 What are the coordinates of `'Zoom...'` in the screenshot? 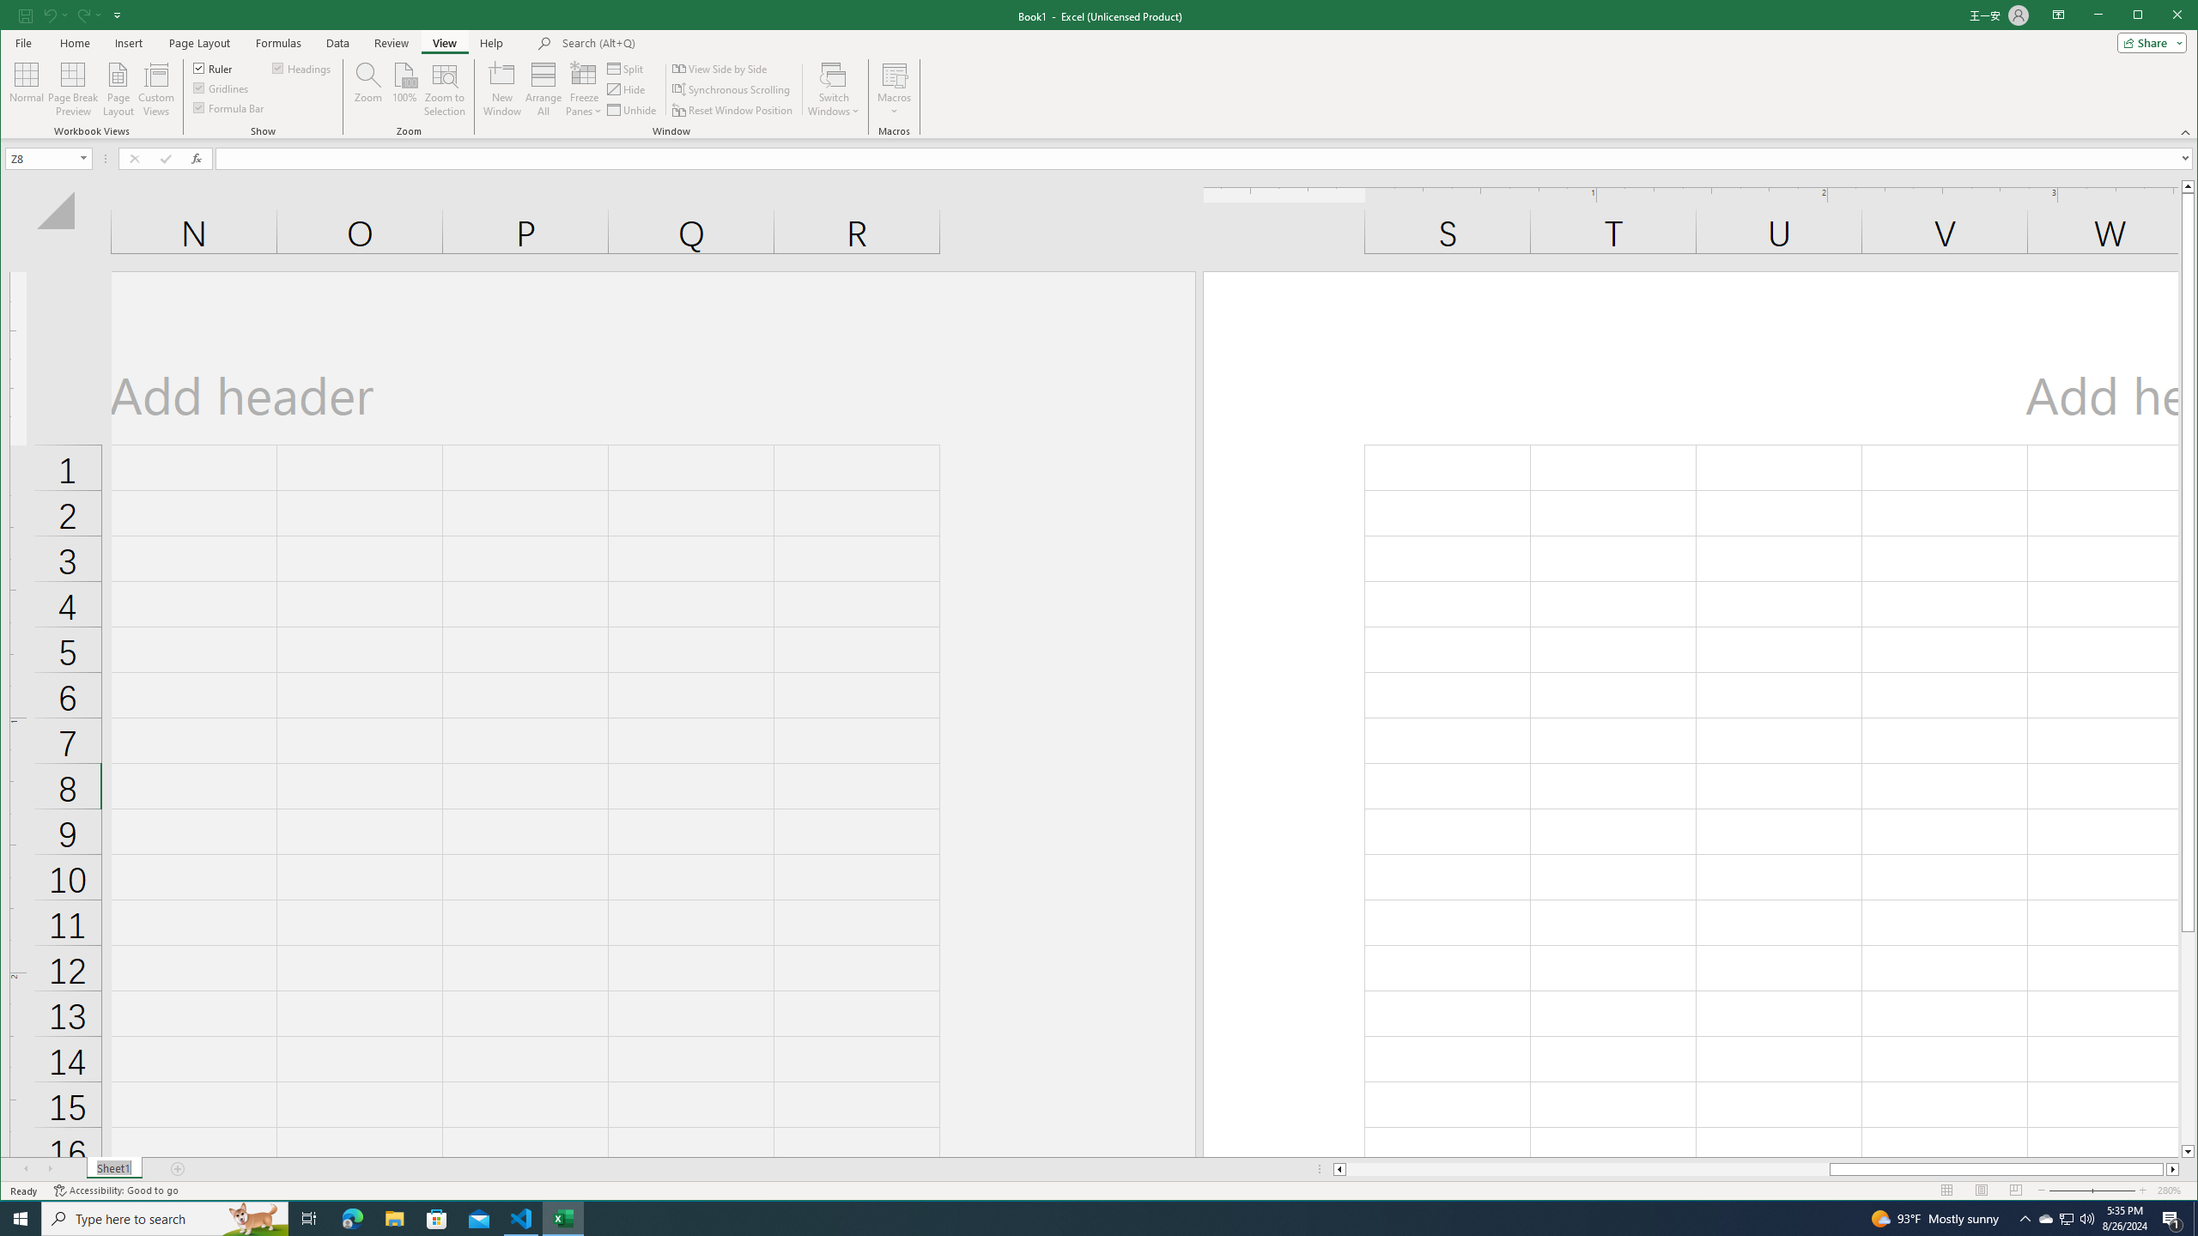 It's located at (367, 88).